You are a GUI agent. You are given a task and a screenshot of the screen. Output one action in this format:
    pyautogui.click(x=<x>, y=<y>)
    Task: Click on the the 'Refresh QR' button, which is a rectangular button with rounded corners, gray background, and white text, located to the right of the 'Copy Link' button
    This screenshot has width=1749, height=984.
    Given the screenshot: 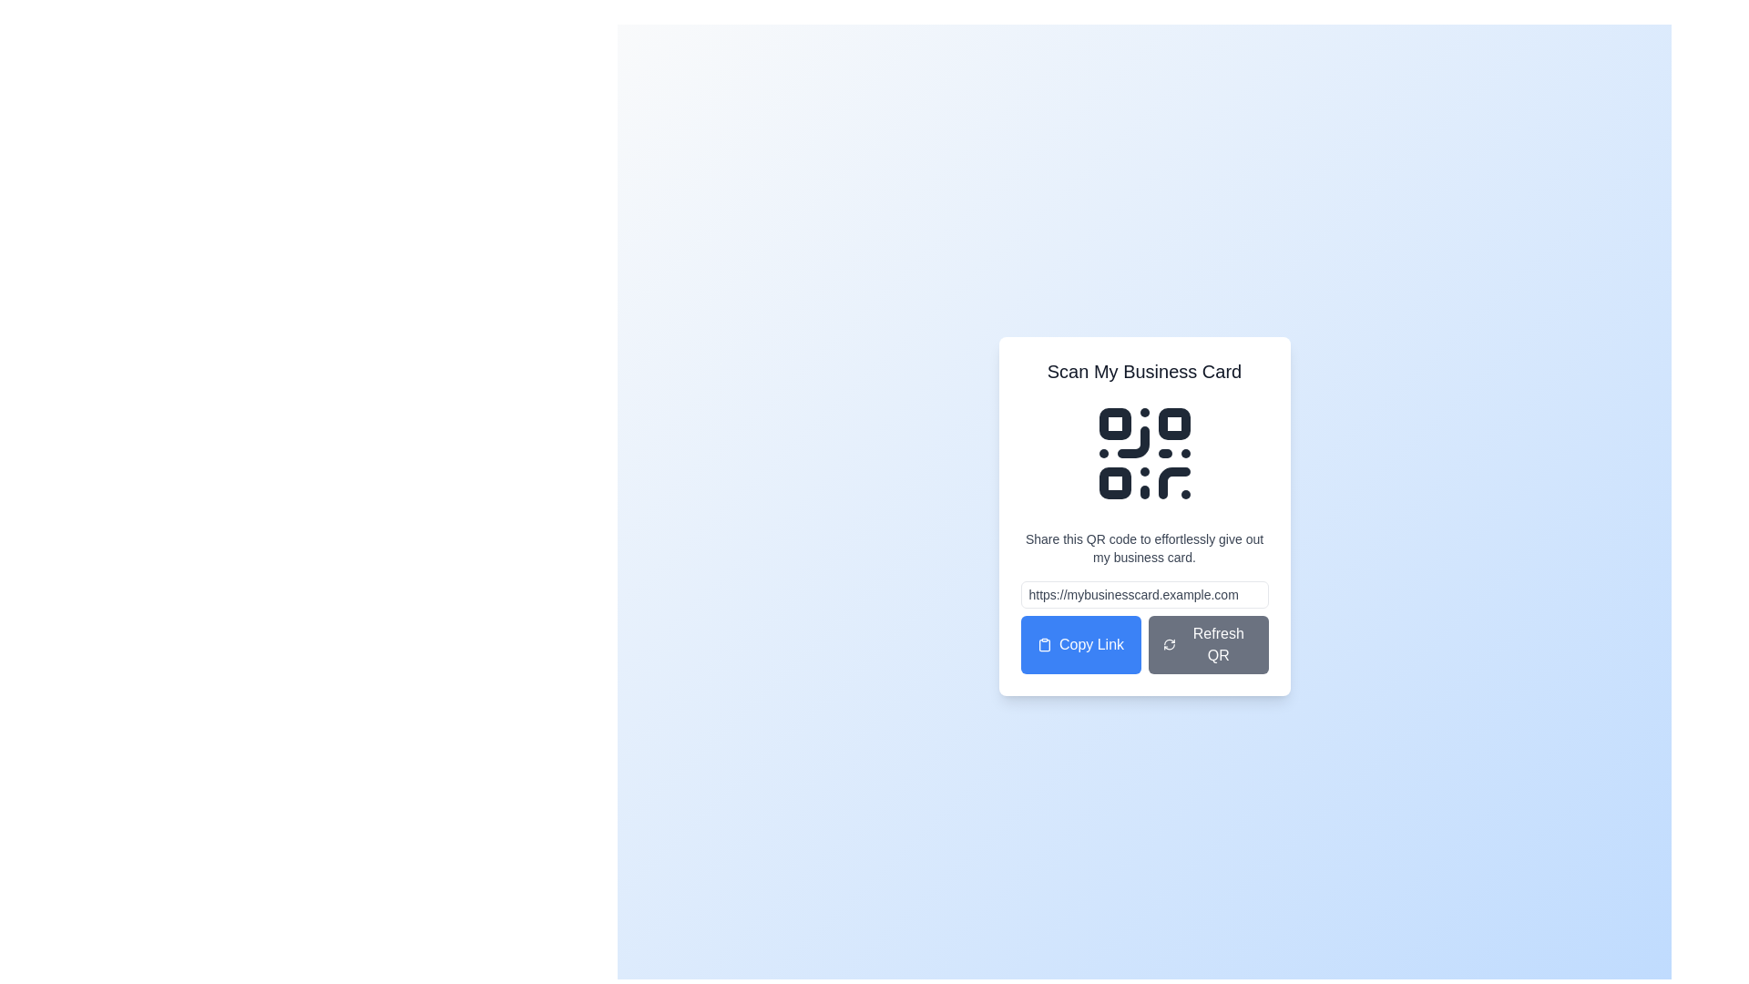 What is the action you would take?
    pyautogui.click(x=1208, y=644)
    